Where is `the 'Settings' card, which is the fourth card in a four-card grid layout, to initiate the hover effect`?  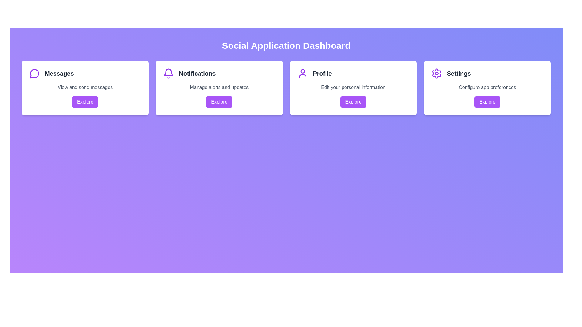 the 'Settings' card, which is the fourth card in a four-card grid layout, to initiate the hover effect is located at coordinates (487, 88).